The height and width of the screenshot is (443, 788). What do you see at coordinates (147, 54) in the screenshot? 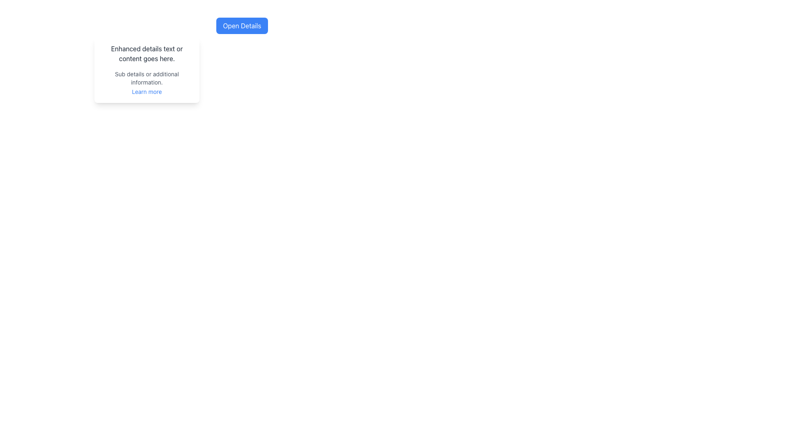
I see `the main detailed description element at the top of the white card, which is centrally aligned and provides the title` at bounding box center [147, 54].